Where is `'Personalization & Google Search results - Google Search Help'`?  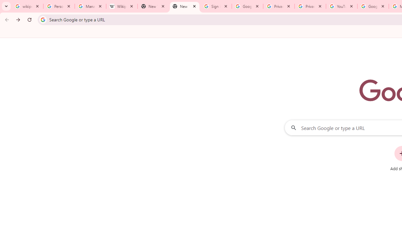 'Personalization & Google Search results - Google Search Help' is located at coordinates (59, 6).